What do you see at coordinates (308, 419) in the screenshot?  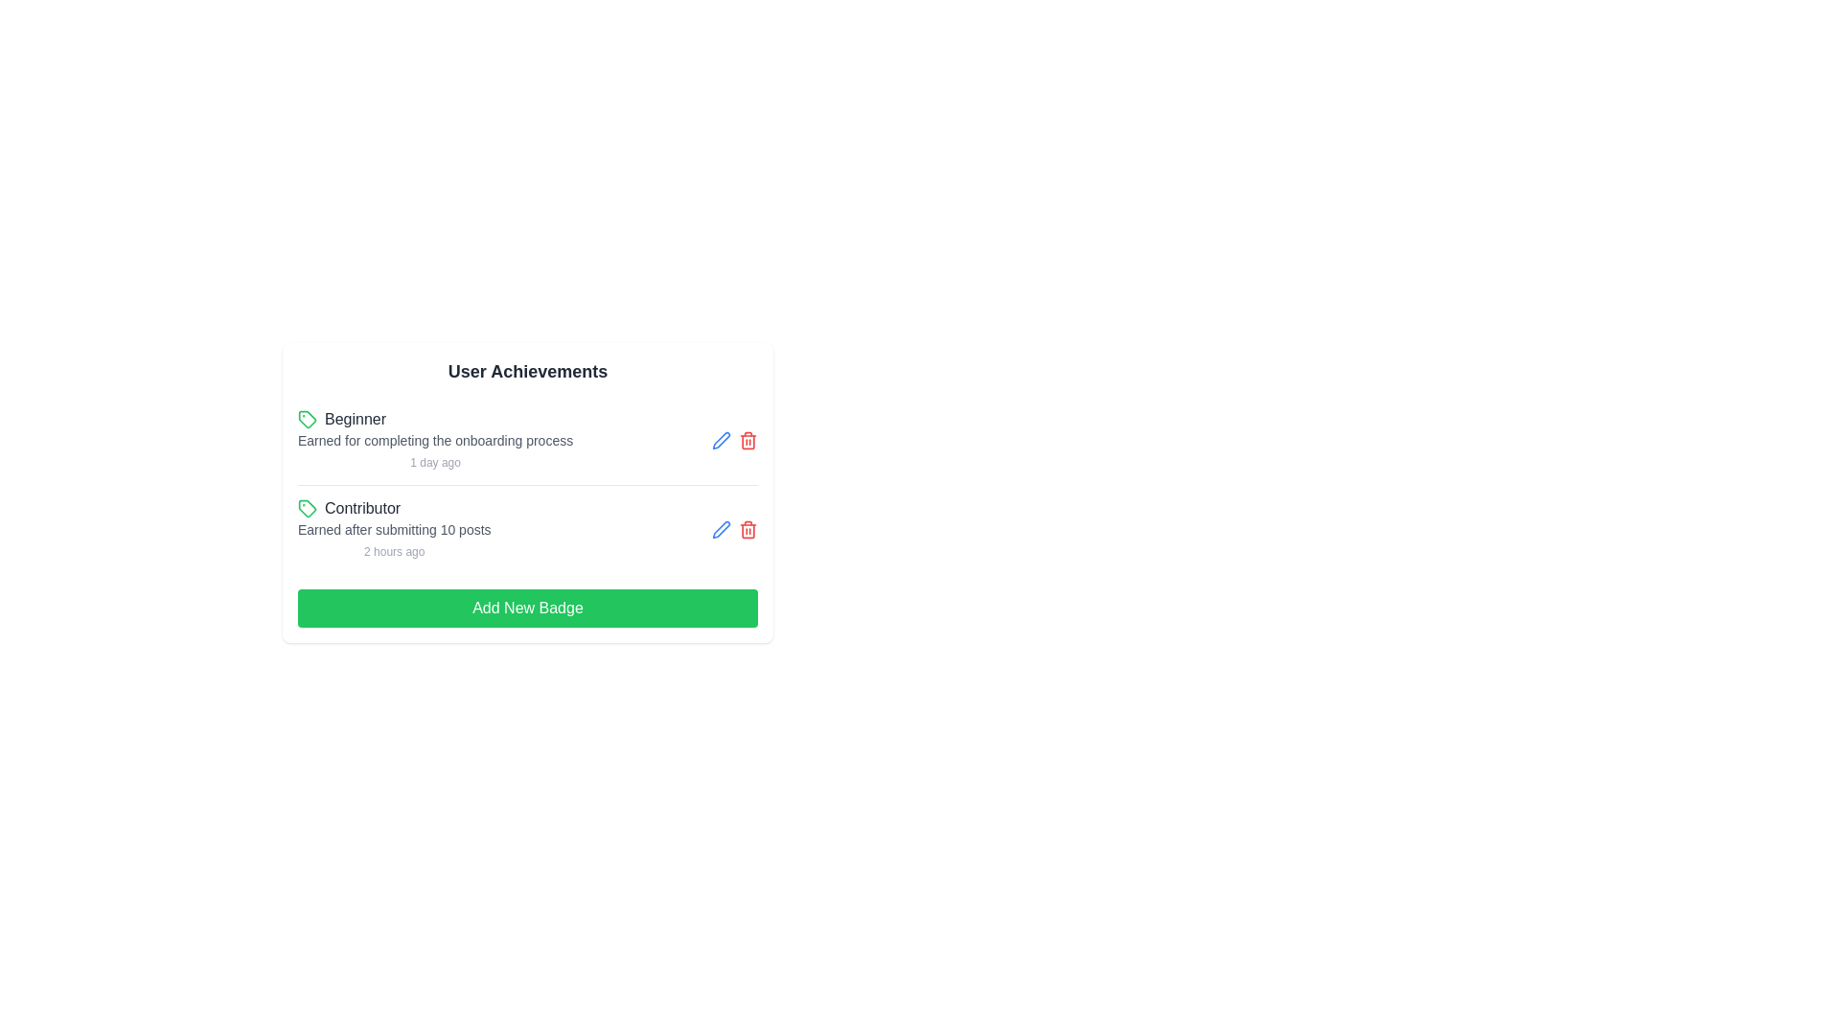 I see `the 'Beginner' achievement icon located to the left of the text 'Beginner' in the 'User Achievements' section` at bounding box center [308, 419].